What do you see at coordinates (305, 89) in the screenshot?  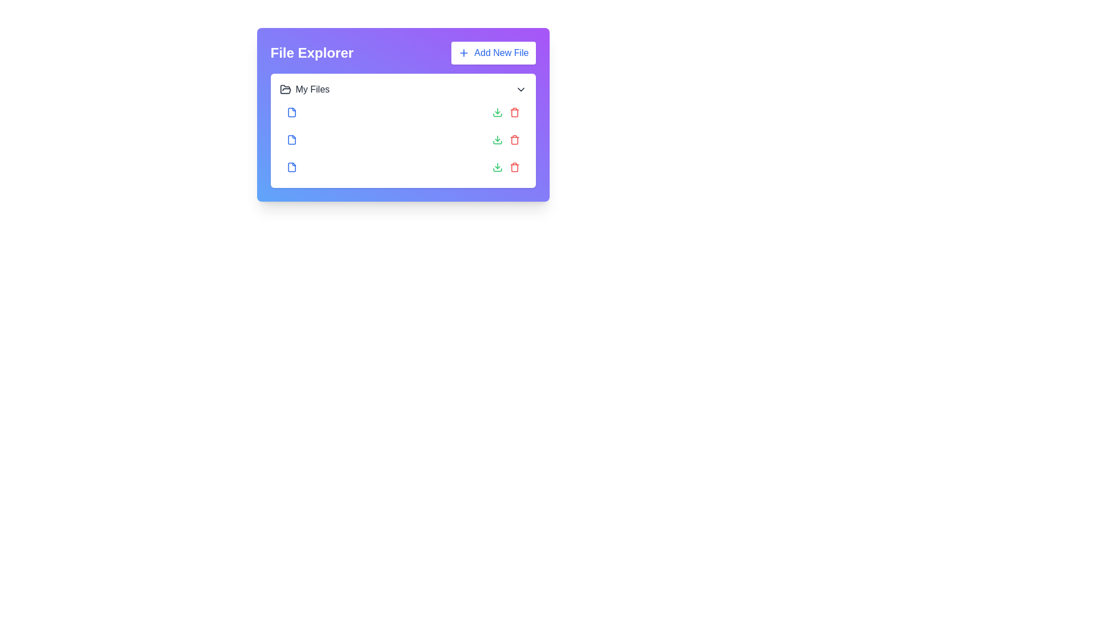 I see `the labeled interactive folder named 'My Files'` at bounding box center [305, 89].